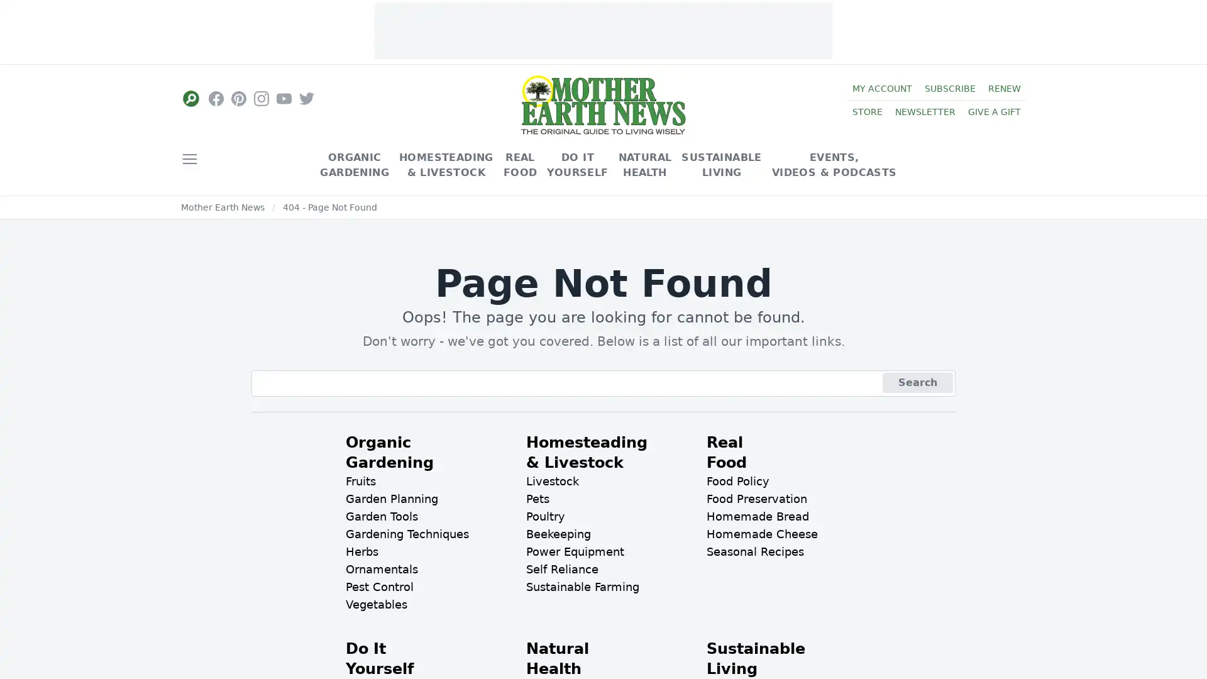 The height and width of the screenshot is (679, 1207). What do you see at coordinates (917, 382) in the screenshot?
I see `Search` at bounding box center [917, 382].